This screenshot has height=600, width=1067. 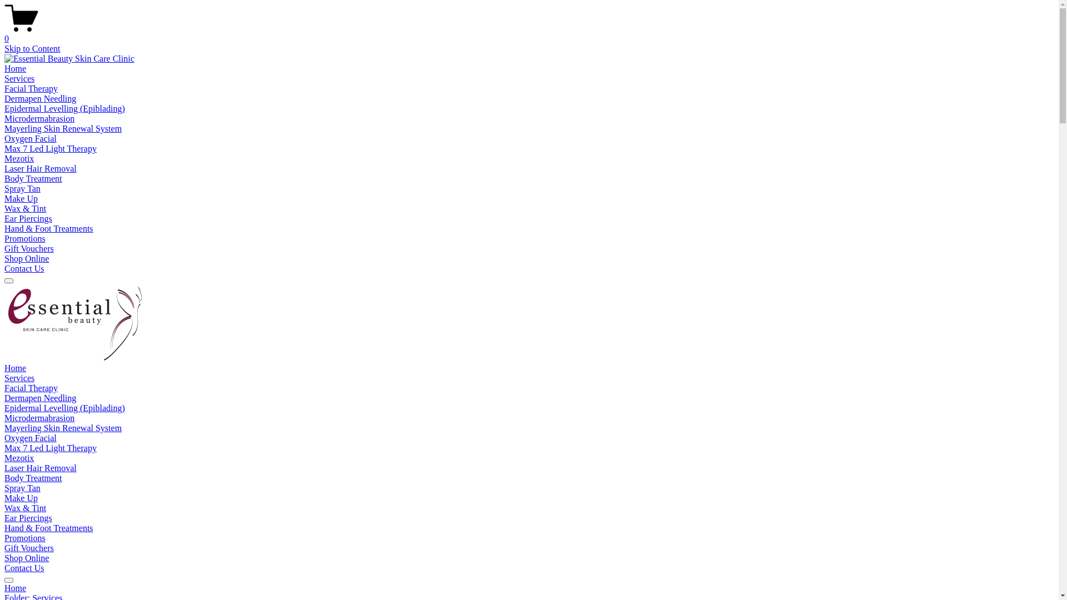 I want to click on 'Home', so click(x=15, y=68).